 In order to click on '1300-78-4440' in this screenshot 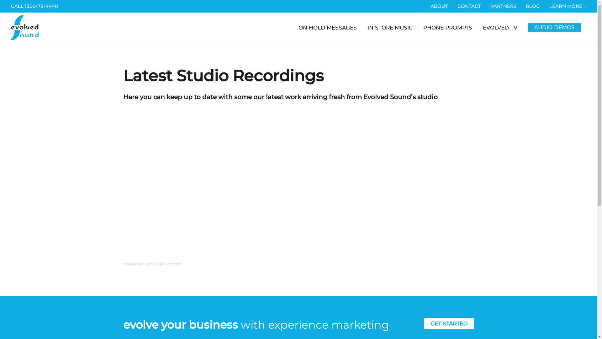, I will do `click(41, 6)`.